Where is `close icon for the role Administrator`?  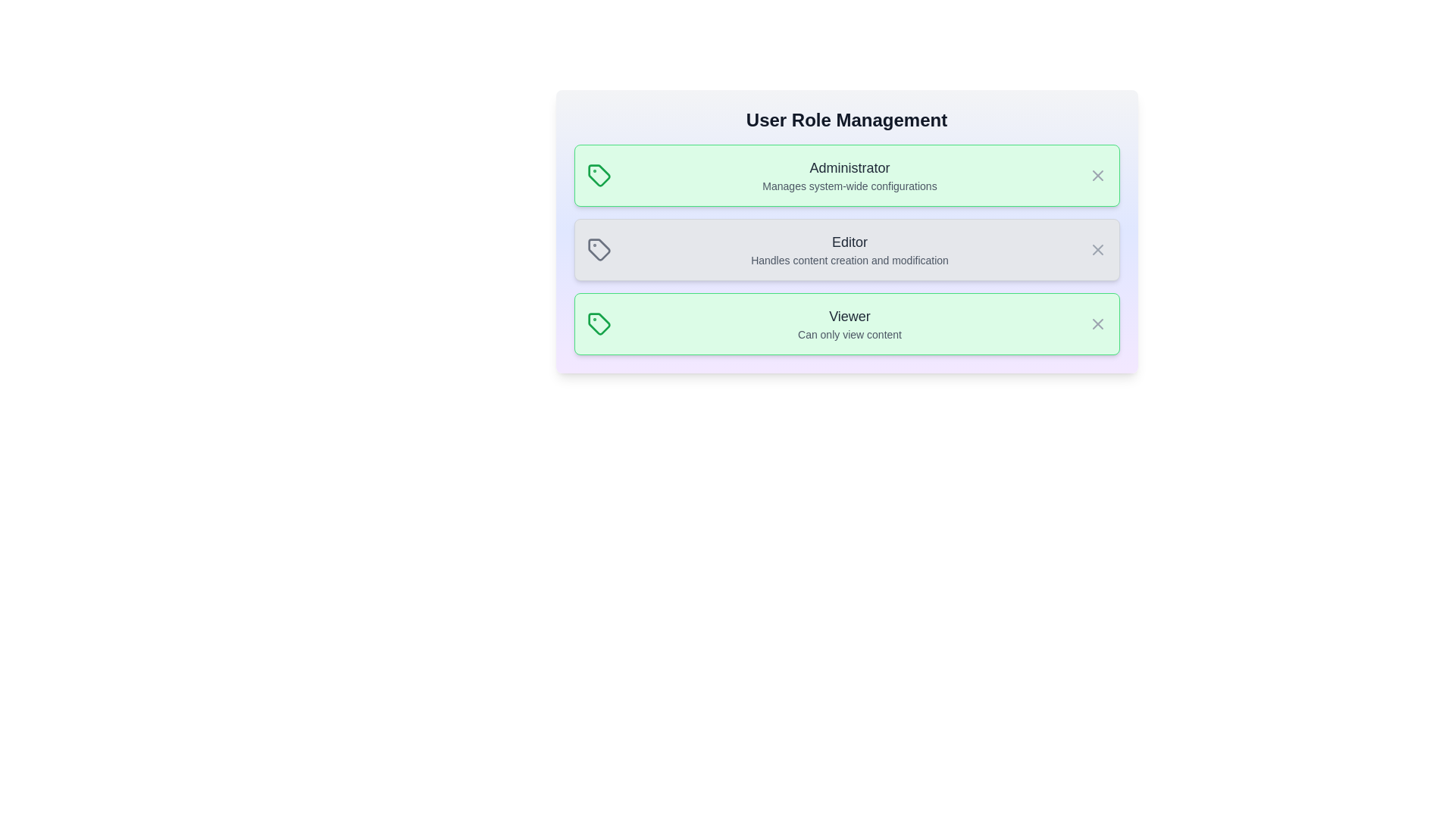
close icon for the role Administrator is located at coordinates (1097, 174).